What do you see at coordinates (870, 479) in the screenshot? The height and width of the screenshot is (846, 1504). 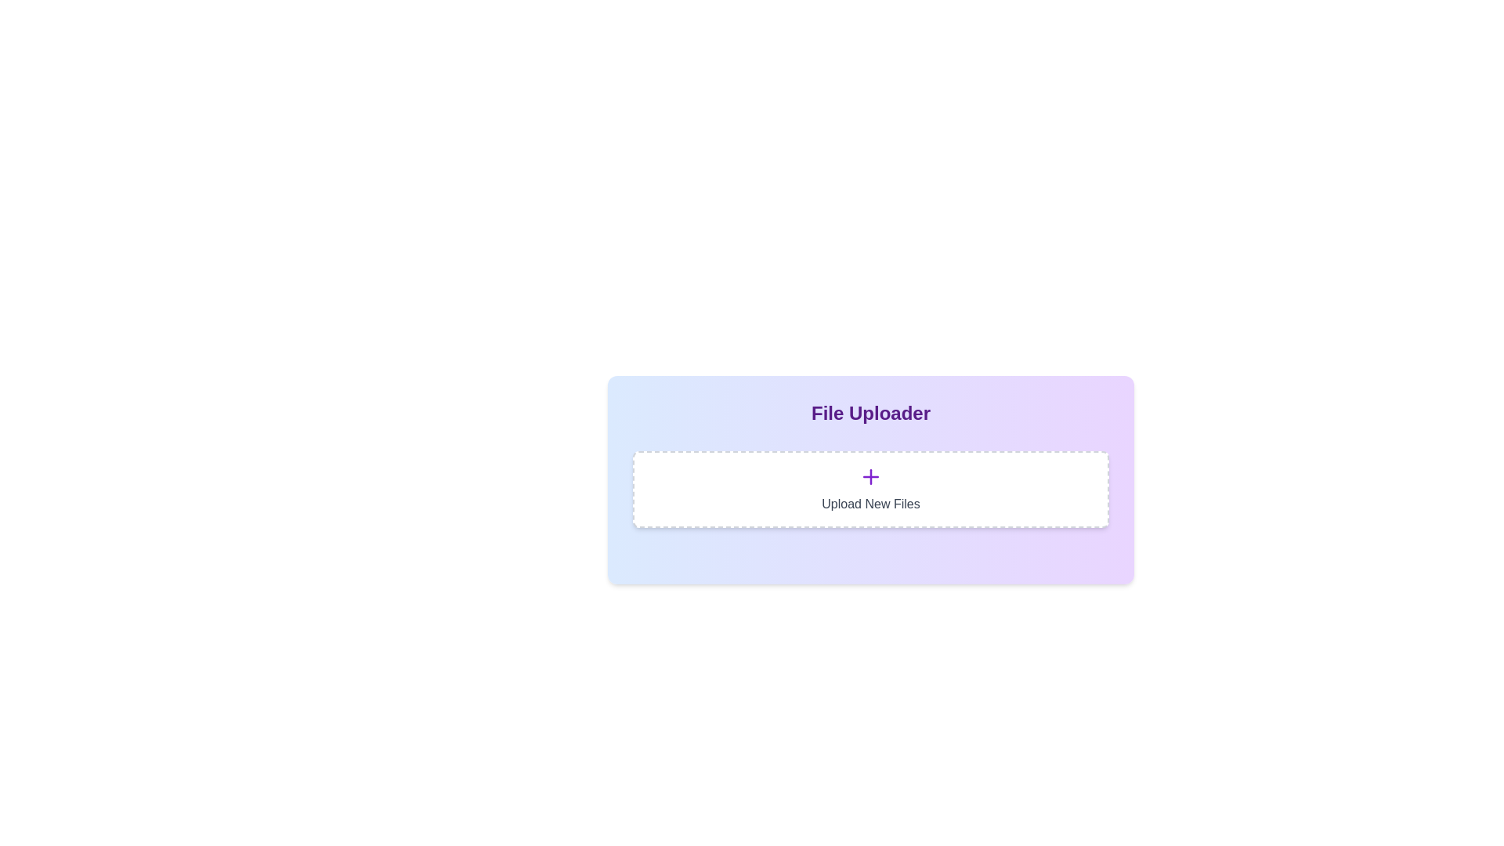 I see `the 'File Uploader' area, which features a gradient background and the text 'Upload New Files'` at bounding box center [870, 479].